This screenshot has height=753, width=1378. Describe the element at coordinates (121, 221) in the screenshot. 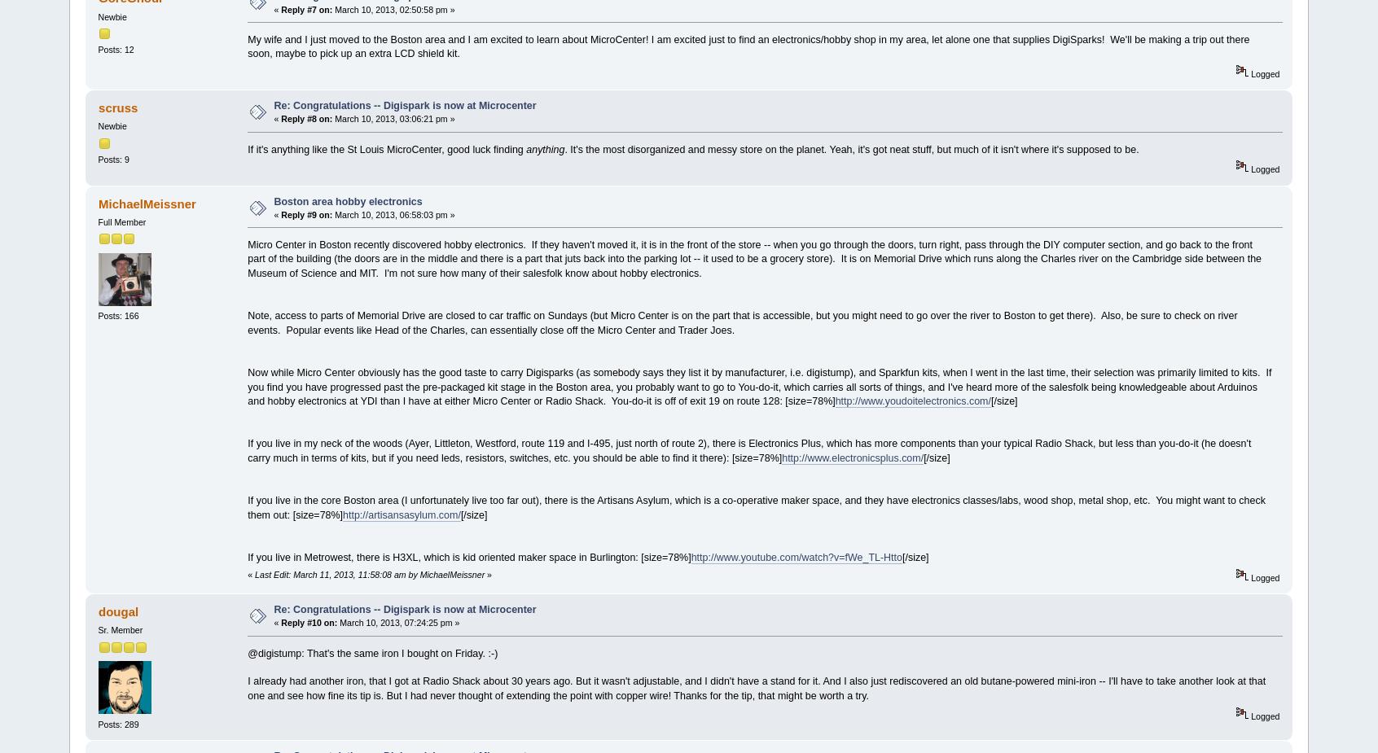

I see `'Full Member'` at that location.